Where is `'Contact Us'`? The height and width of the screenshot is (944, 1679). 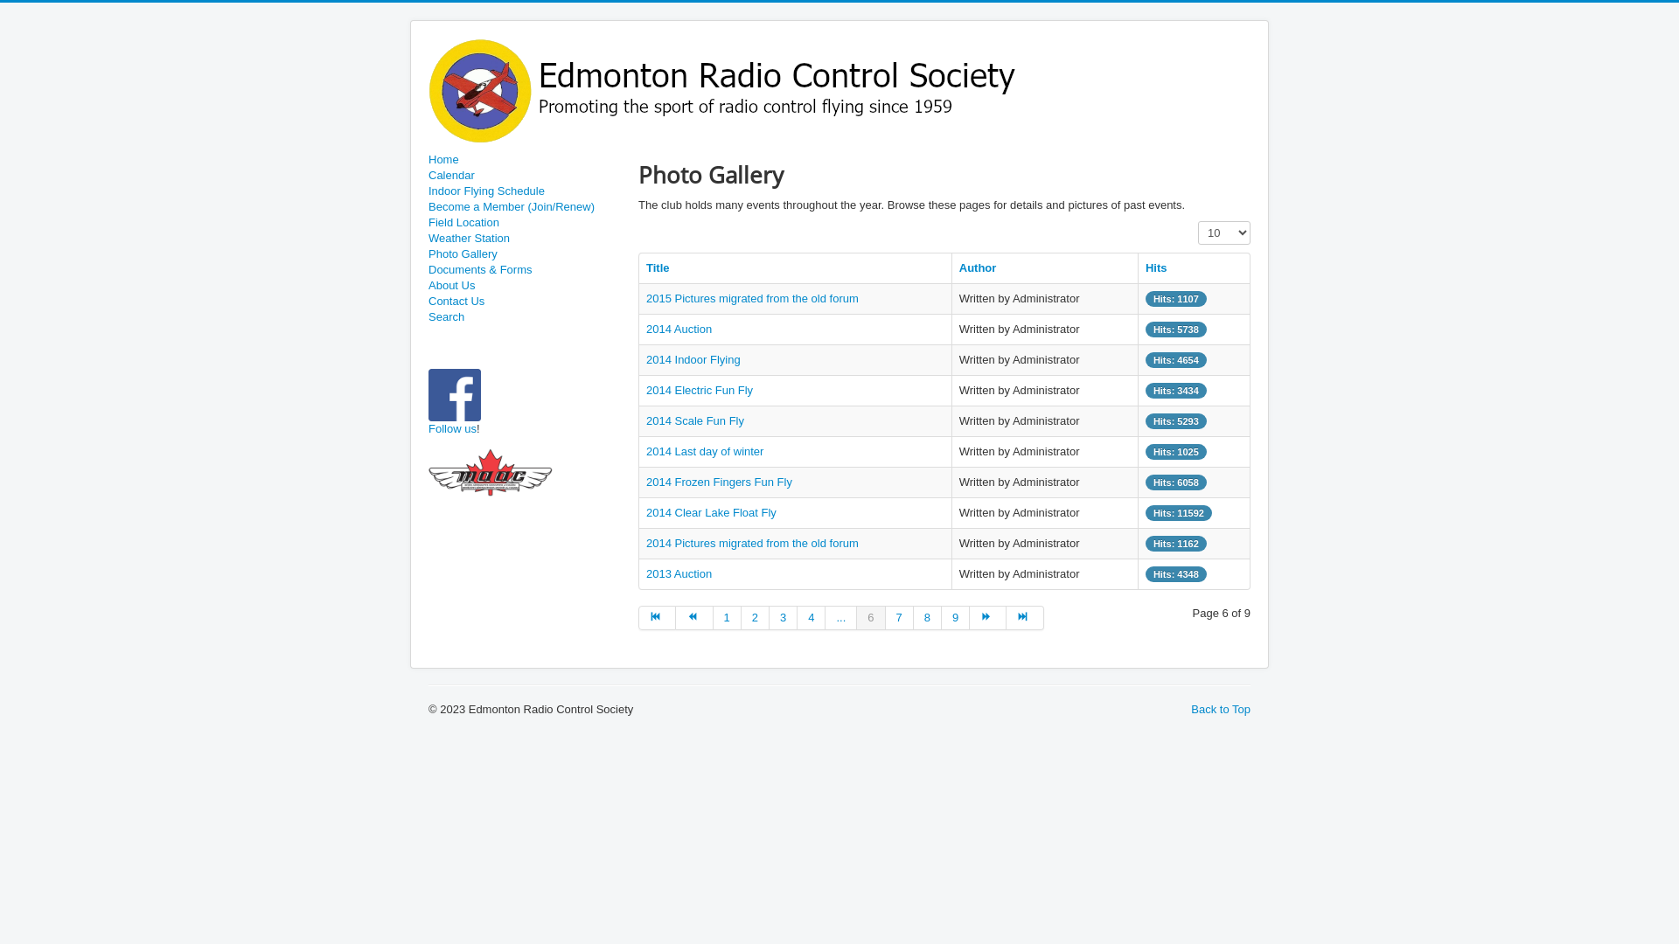
'Contact Us' is located at coordinates (524, 300).